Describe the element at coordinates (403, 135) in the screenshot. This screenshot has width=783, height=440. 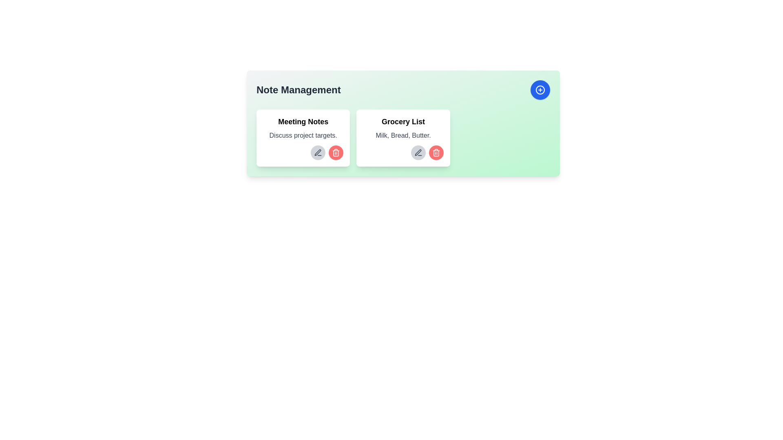
I see `the text display that shows the list of grocery items located directly beneath the 'Grocery List' title in the card within the 'Note Management' section` at that location.